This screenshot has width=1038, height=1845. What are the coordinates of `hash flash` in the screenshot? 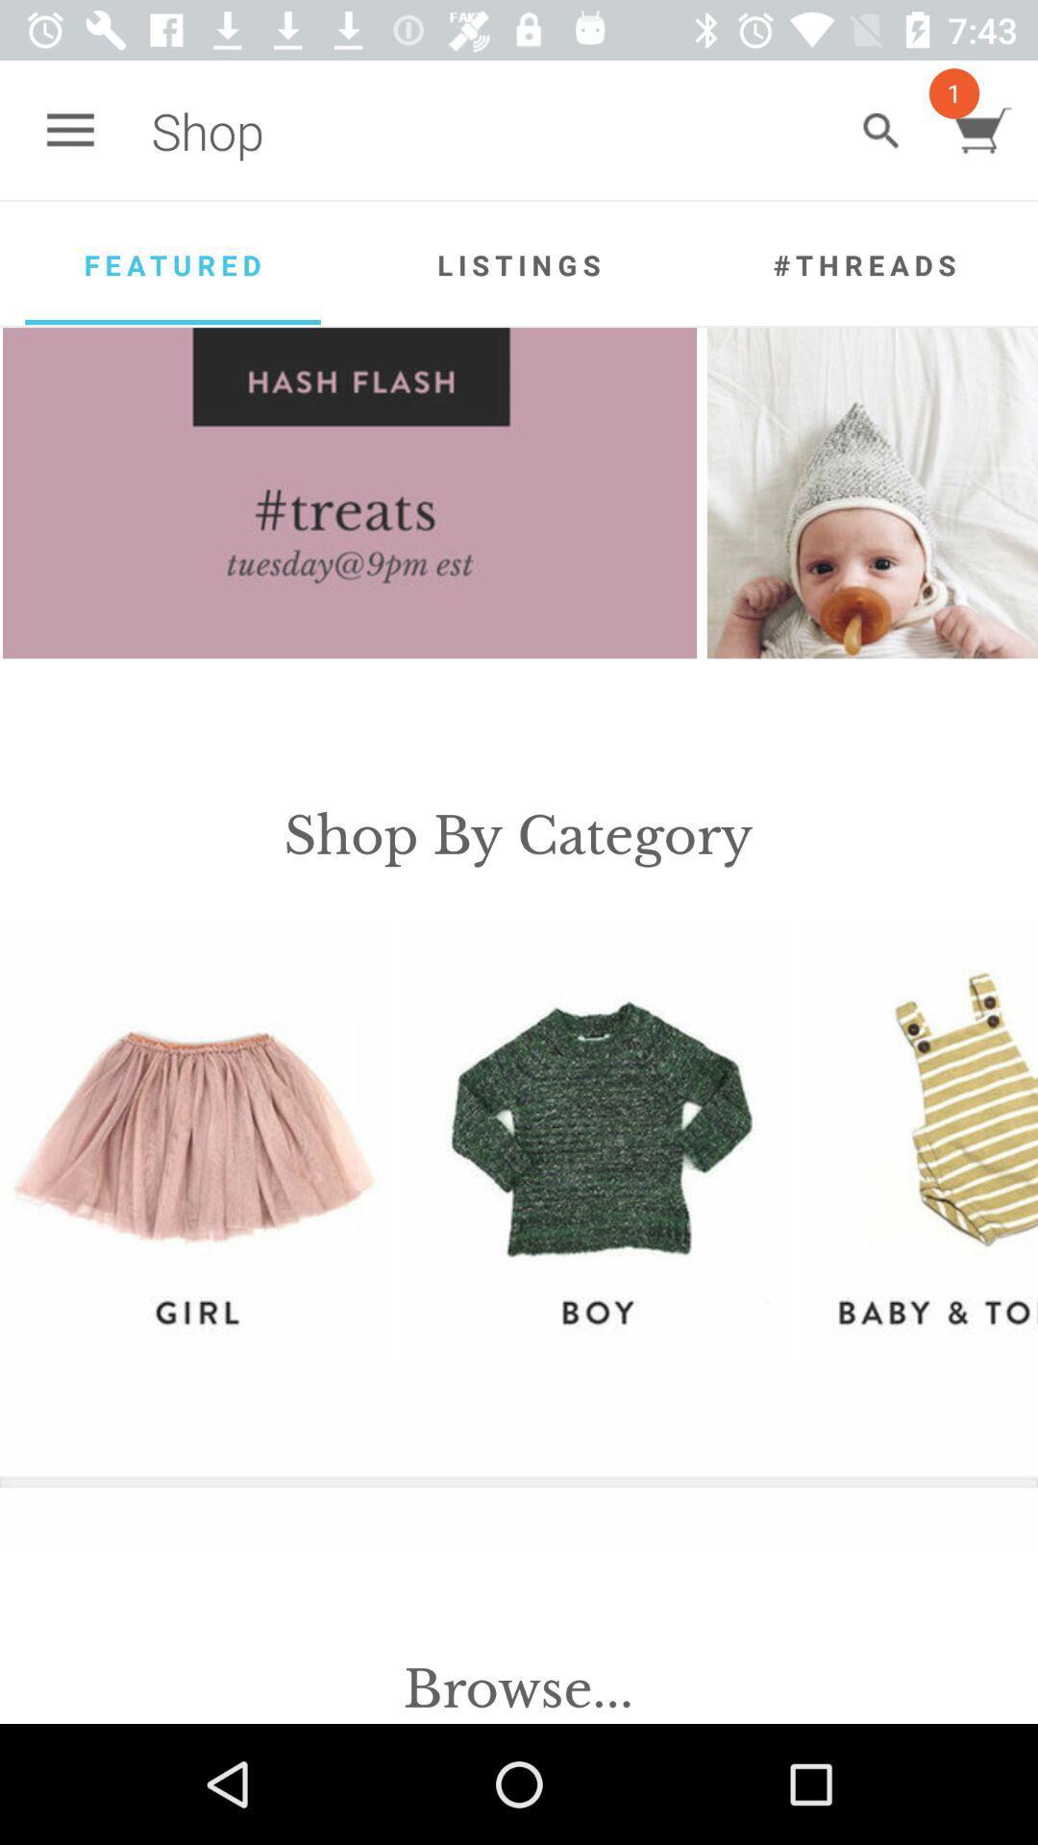 It's located at (350, 493).